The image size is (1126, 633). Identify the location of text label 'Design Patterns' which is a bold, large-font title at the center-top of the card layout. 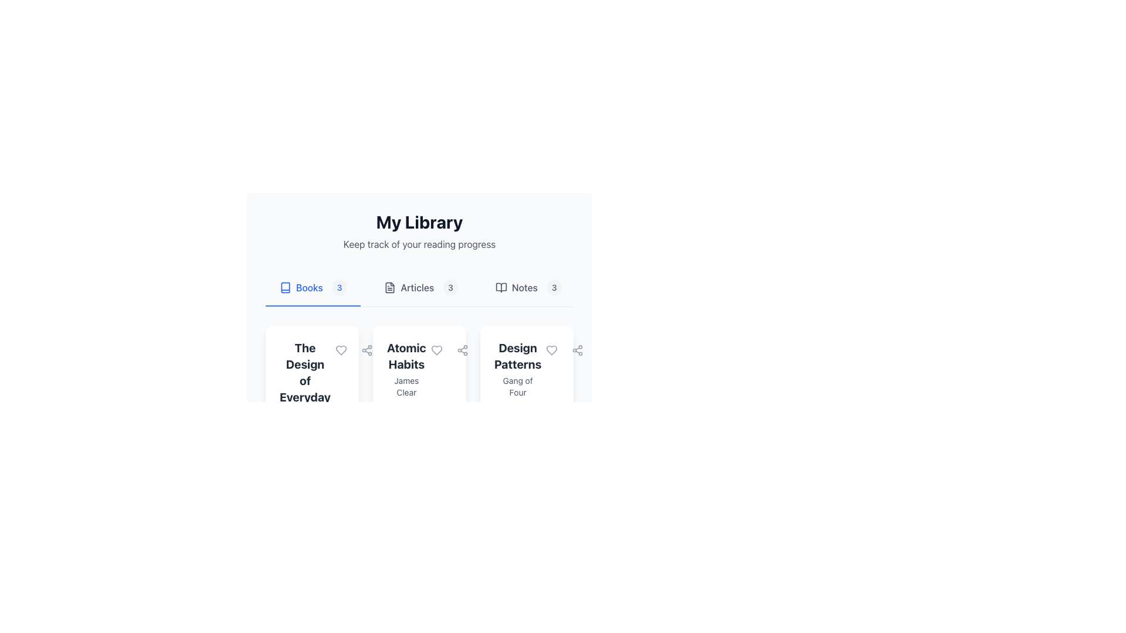
(517, 356).